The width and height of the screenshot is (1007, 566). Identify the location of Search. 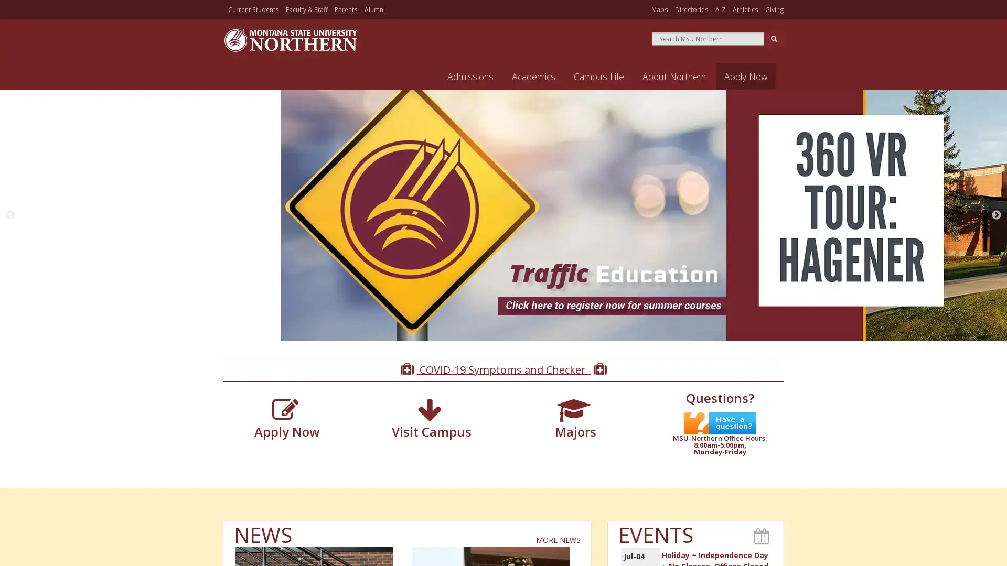
(774, 38).